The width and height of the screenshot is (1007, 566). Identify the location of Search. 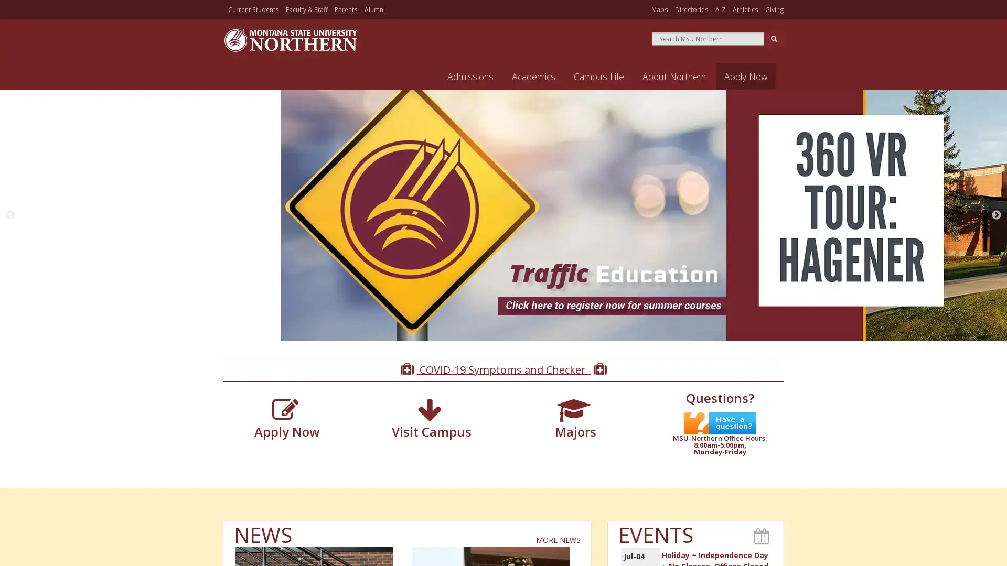
(774, 38).